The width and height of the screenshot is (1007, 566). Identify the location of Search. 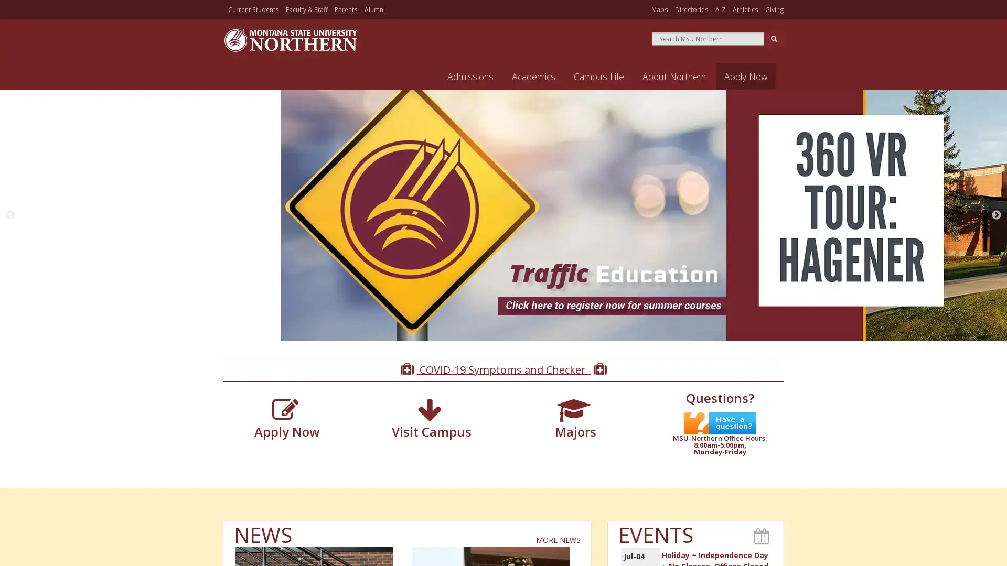
(774, 38).